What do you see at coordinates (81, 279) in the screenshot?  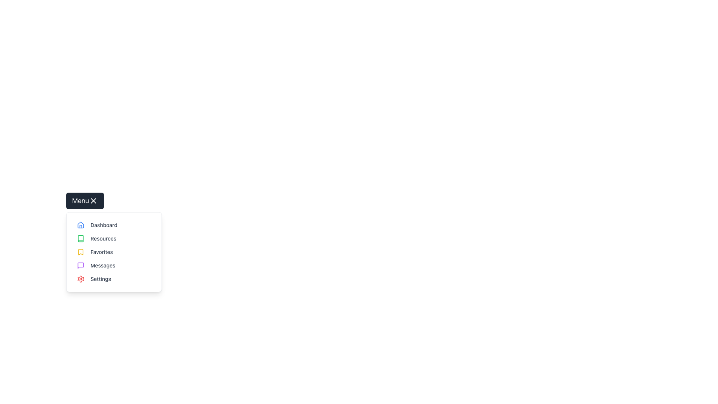 I see `the red gear icon located to the left of the 'Settings' text label in the bottom section of the interactive list menu` at bounding box center [81, 279].